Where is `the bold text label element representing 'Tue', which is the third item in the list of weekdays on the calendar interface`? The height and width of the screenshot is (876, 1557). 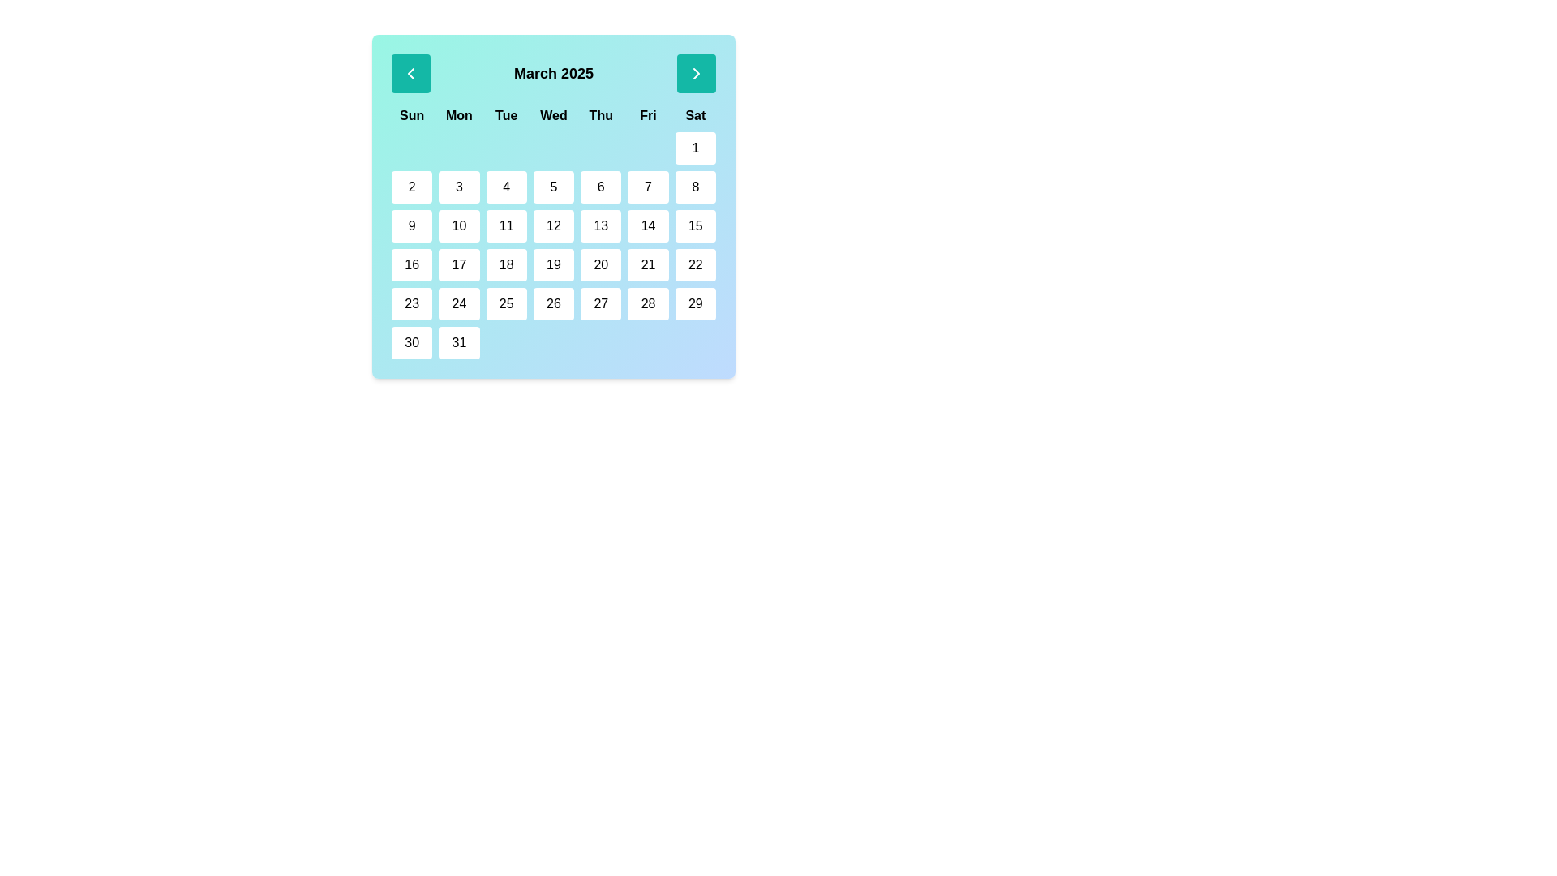 the bold text label element representing 'Tue', which is the third item in the list of weekdays on the calendar interface is located at coordinates (505, 114).